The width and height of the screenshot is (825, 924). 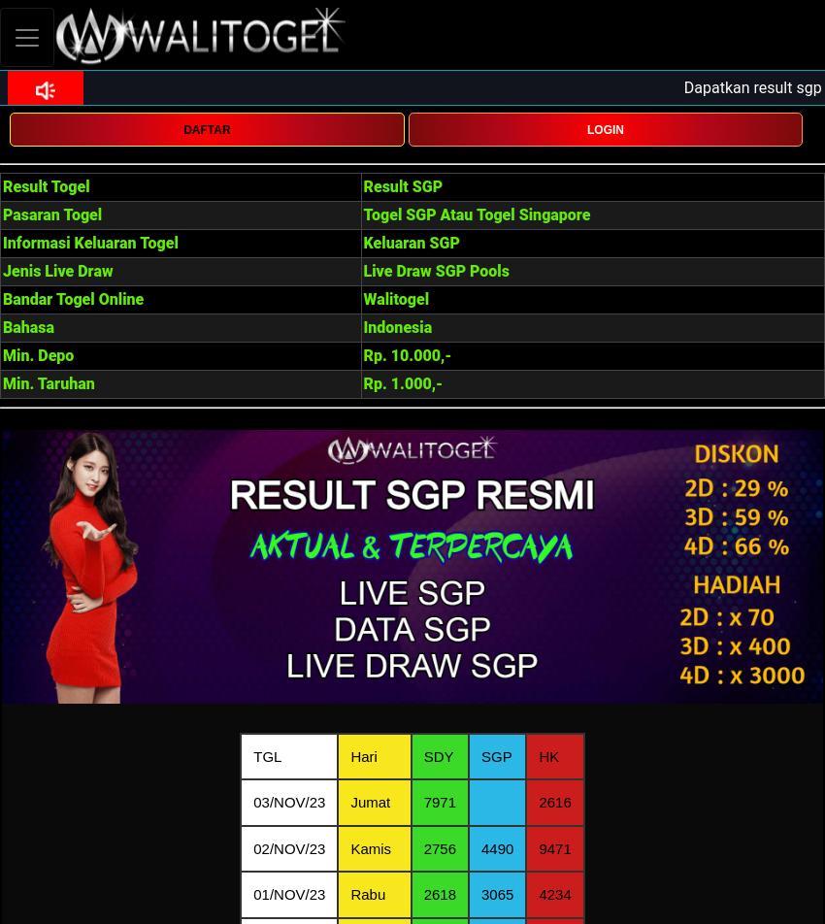 What do you see at coordinates (1, 383) in the screenshot?
I see `'Min. Taruhan'` at bounding box center [1, 383].